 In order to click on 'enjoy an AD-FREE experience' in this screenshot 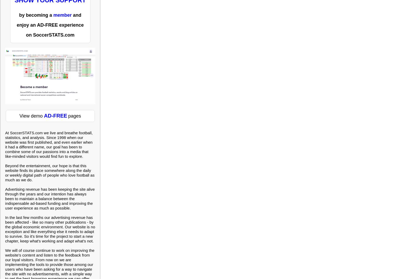, I will do `click(17, 25)`.